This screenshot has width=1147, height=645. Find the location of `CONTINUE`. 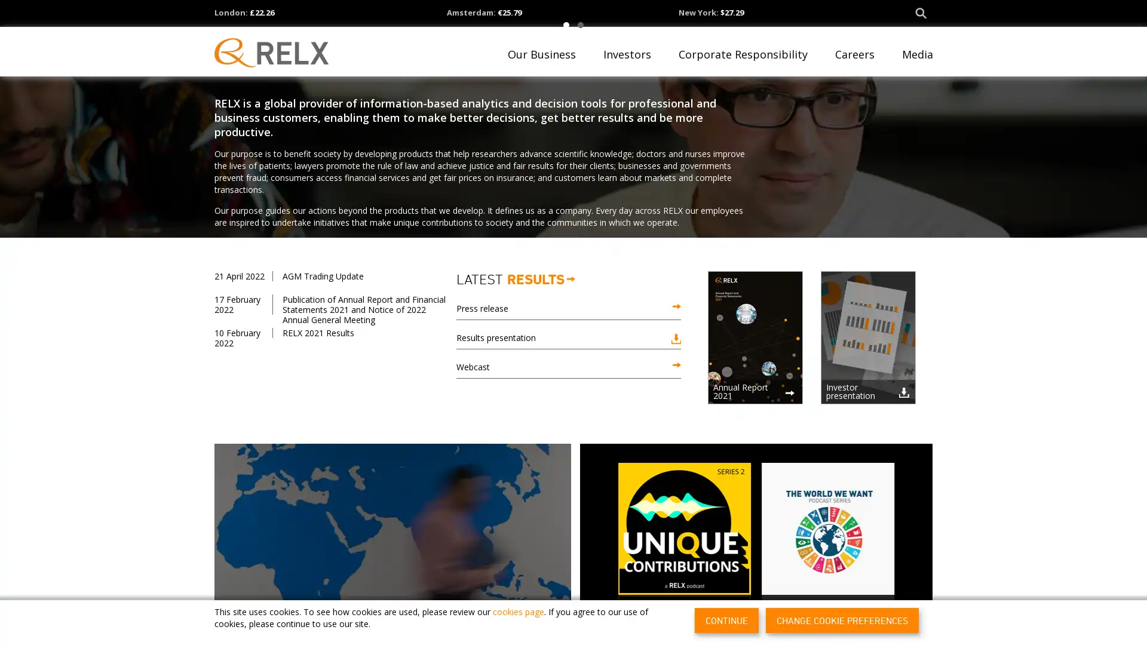

CONTINUE is located at coordinates (729, 619).